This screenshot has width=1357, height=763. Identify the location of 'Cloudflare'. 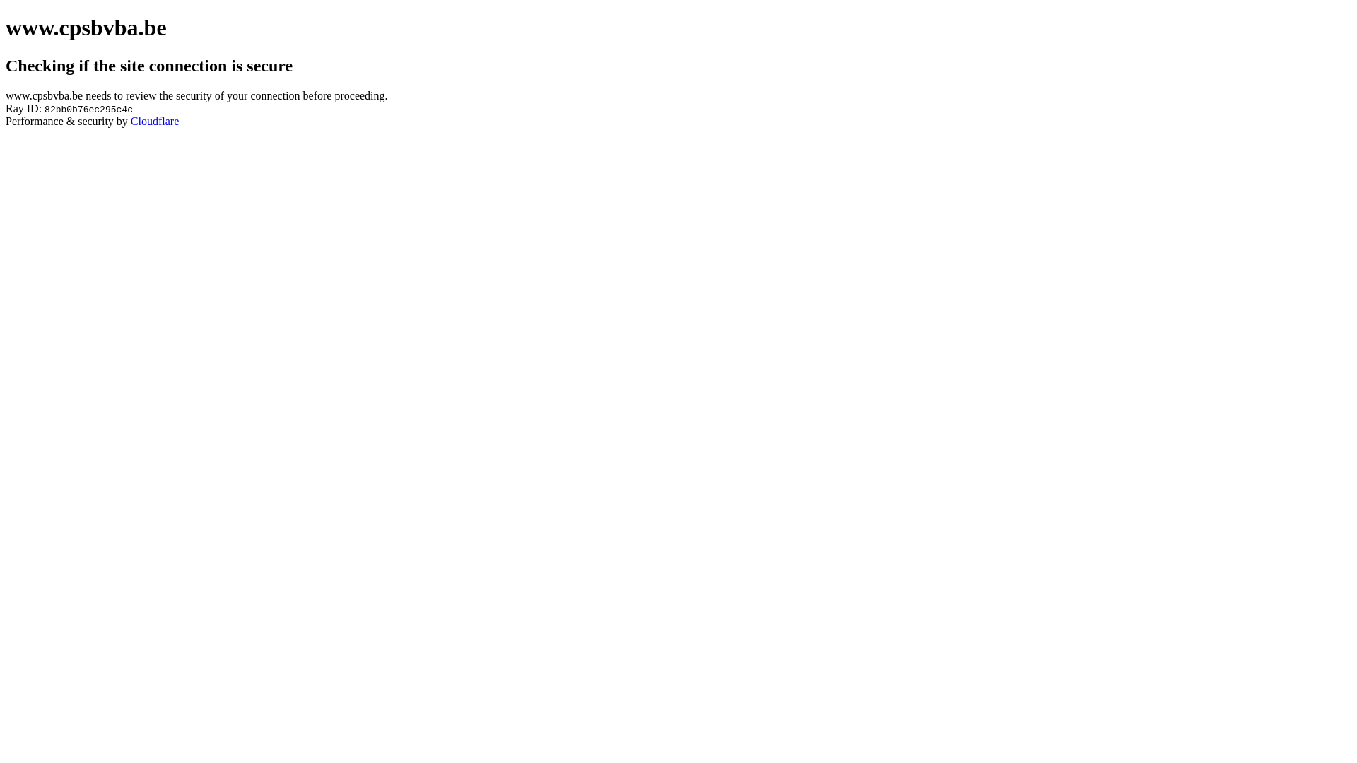
(155, 120).